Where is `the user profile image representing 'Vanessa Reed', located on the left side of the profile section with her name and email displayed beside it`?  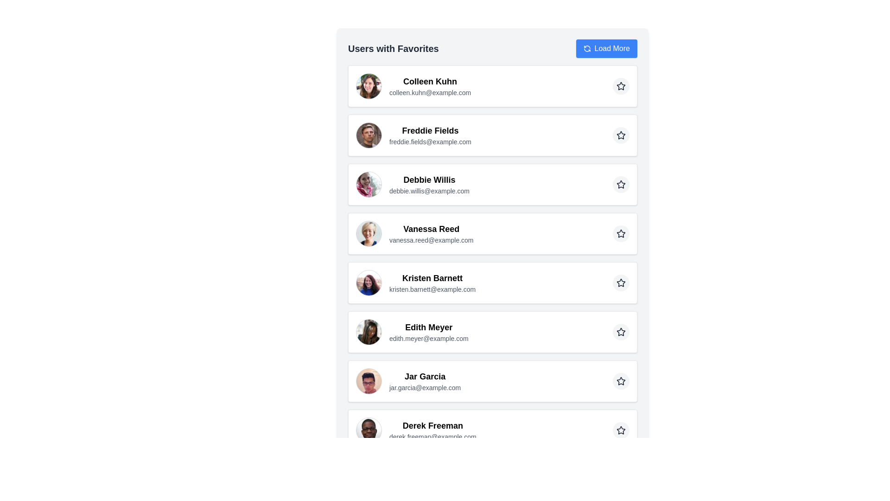
the user profile image representing 'Vanessa Reed', located on the left side of the profile section with her name and email displayed beside it is located at coordinates (369, 233).